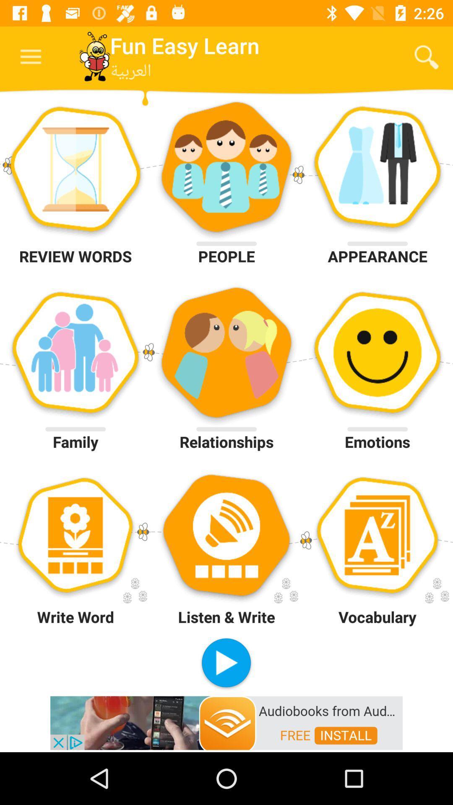 The width and height of the screenshot is (453, 805). Describe the element at coordinates (427, 57) in the screenshot. I see `the search icon beside learn` at that location.